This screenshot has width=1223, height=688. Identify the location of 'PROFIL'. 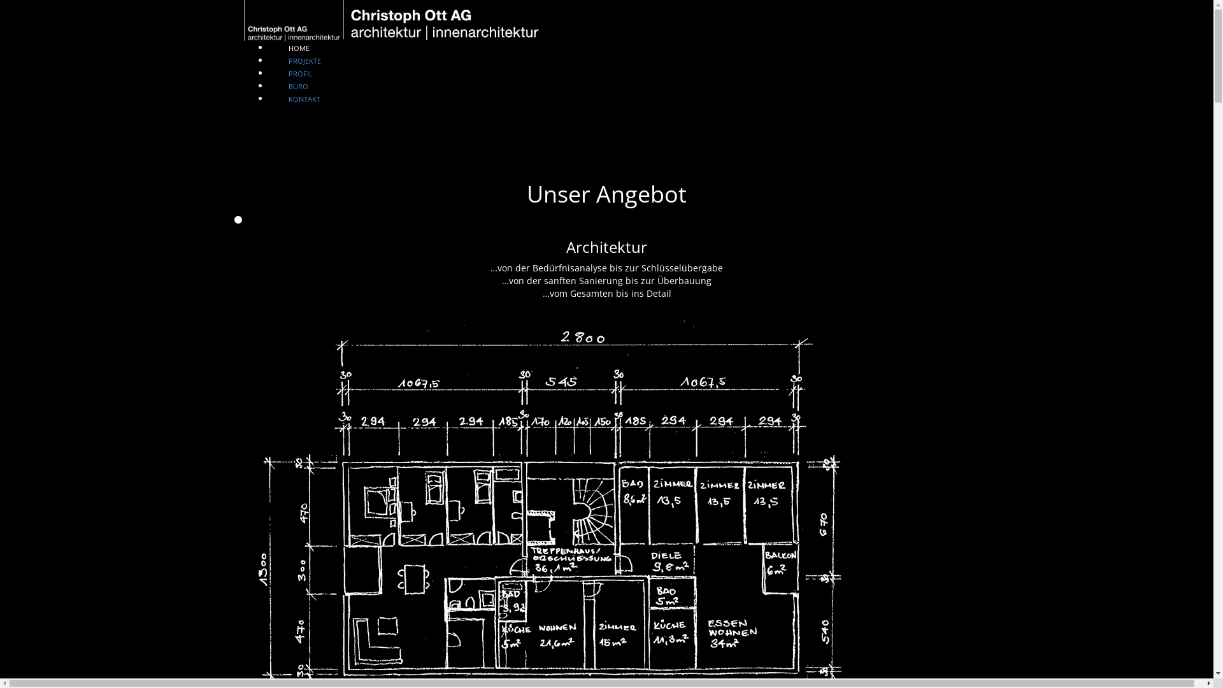
(299, 62).